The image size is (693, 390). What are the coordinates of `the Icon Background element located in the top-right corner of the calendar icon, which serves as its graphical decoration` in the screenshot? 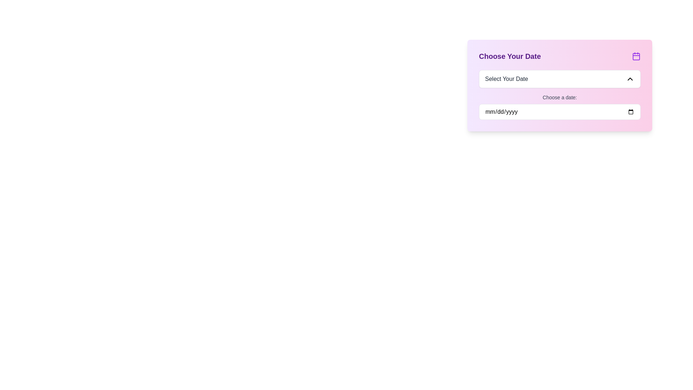 It's located at (636, 56).